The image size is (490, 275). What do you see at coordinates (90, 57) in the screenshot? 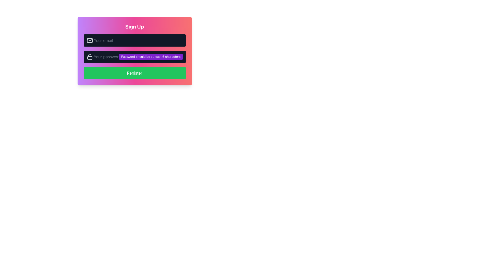
I see `the decorative icon that signifies the password field, located to the left of the password input field and vertically aligned with its center` at bounding box center [90, 57].